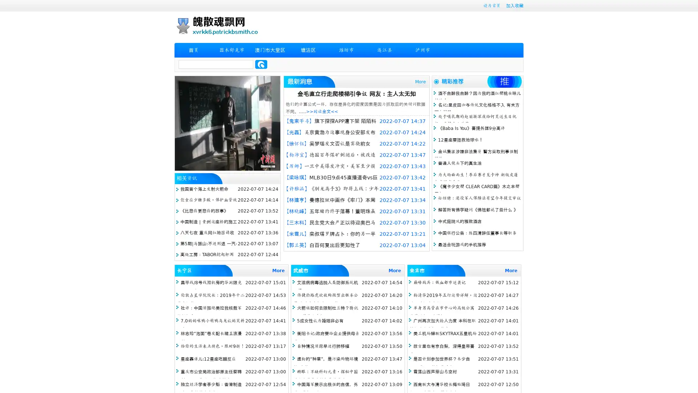 The height and width of the screenshot is (393, 698). What do you see at coordinates (261, 64) in the screenshot?
I see `Search` at bounding box center [261, 64].